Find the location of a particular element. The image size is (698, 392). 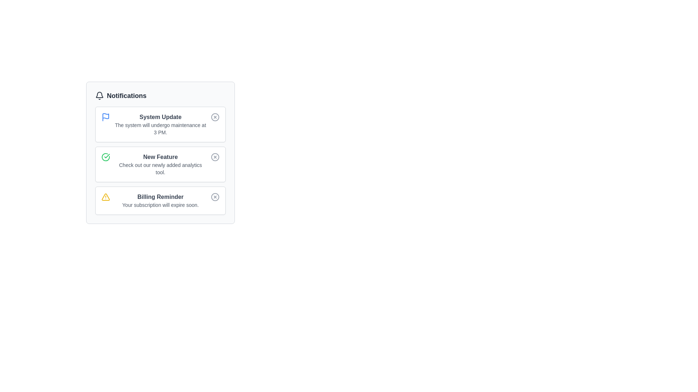

descriptive text label located in the second notification card under the 'Notifications' header, specifically the second line of text below the heading 'New Feature.' is located at coordinates (160, 169).